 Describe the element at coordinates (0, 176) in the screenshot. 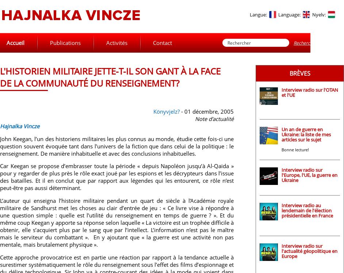

I see `'Car Keegan se propose d’embrasser toute la période « depuis Napoléon jusqu’à Al-Qaïda » pour y regarder de plus près le rôle exact joué par les espions et les décrypteurs dans l’issue des batailles. Et il en conclut que par rapport aux légendes qui les entourent, ce rôle n’est peut-être pas aussi déterminant.'` at that location.